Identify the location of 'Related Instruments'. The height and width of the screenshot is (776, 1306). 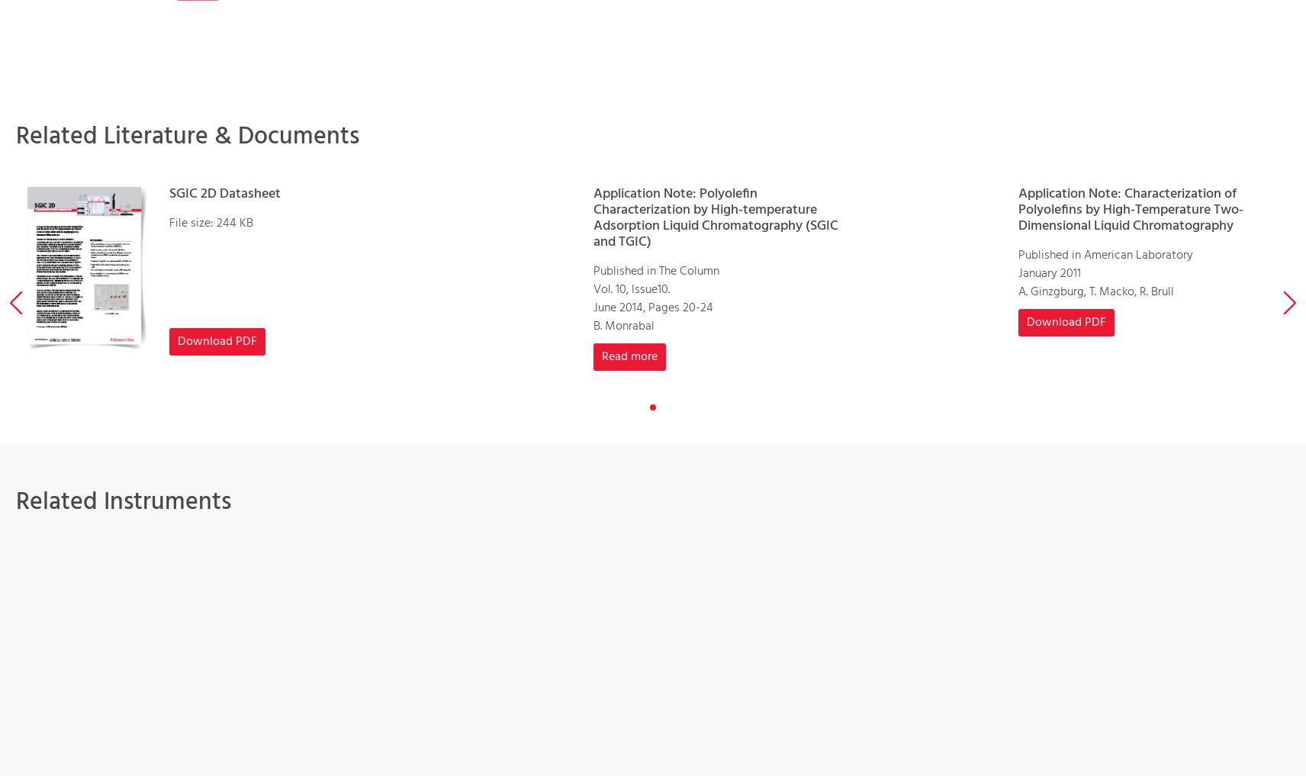
(122, 501).